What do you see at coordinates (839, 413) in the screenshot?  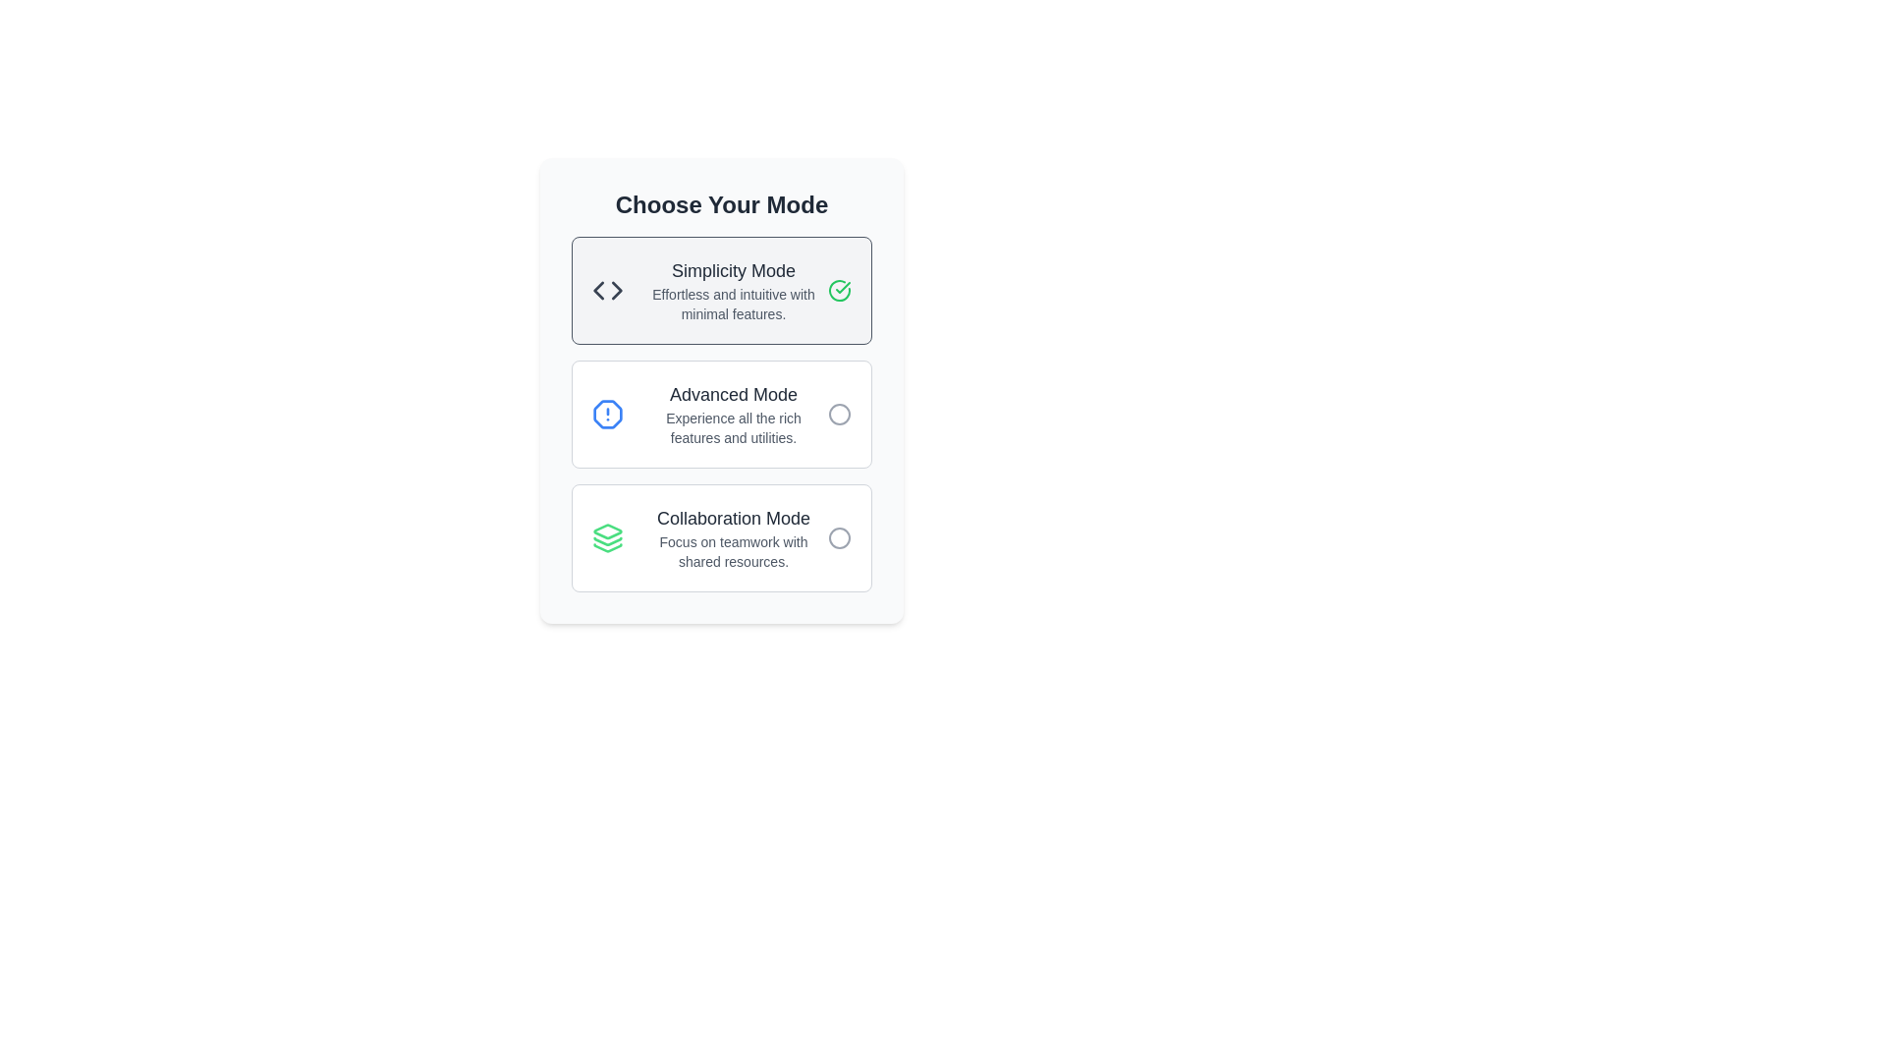 I see `the center of the radio button used for selecting the 'Advanced Mode' option, which is located in the Advanced Mode section, aligned to the right of the descriptive text` at bounding box center [839, 413].